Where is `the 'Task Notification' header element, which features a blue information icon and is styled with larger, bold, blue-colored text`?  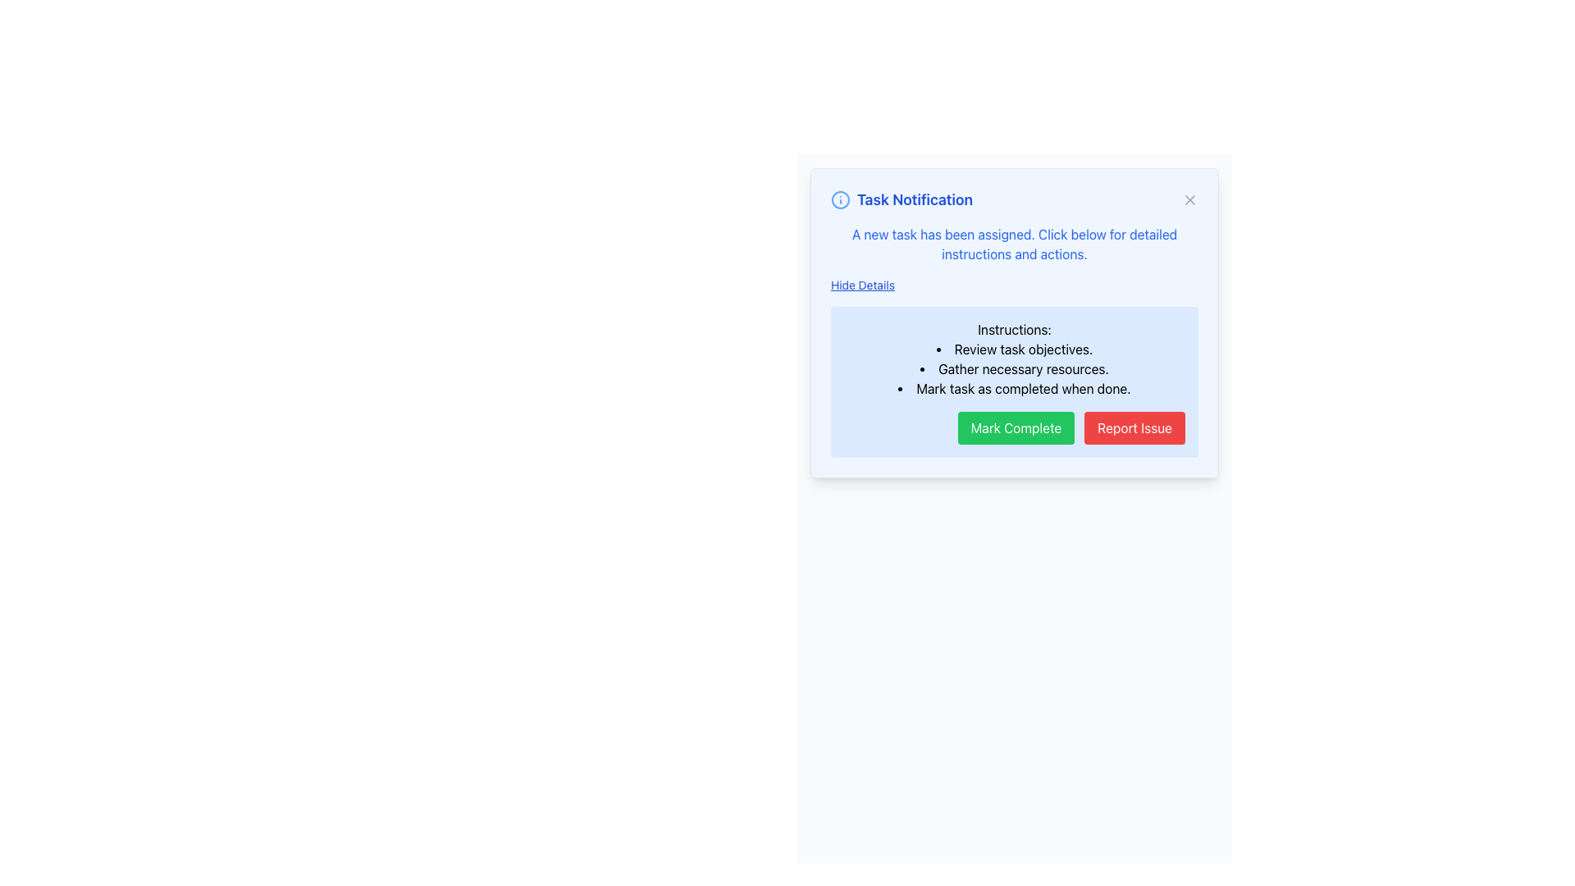
the 'Task Notification' header element, which features a blue information icon and is styled with larger, bold, blue-colored text is located at coordinates (901, 199).